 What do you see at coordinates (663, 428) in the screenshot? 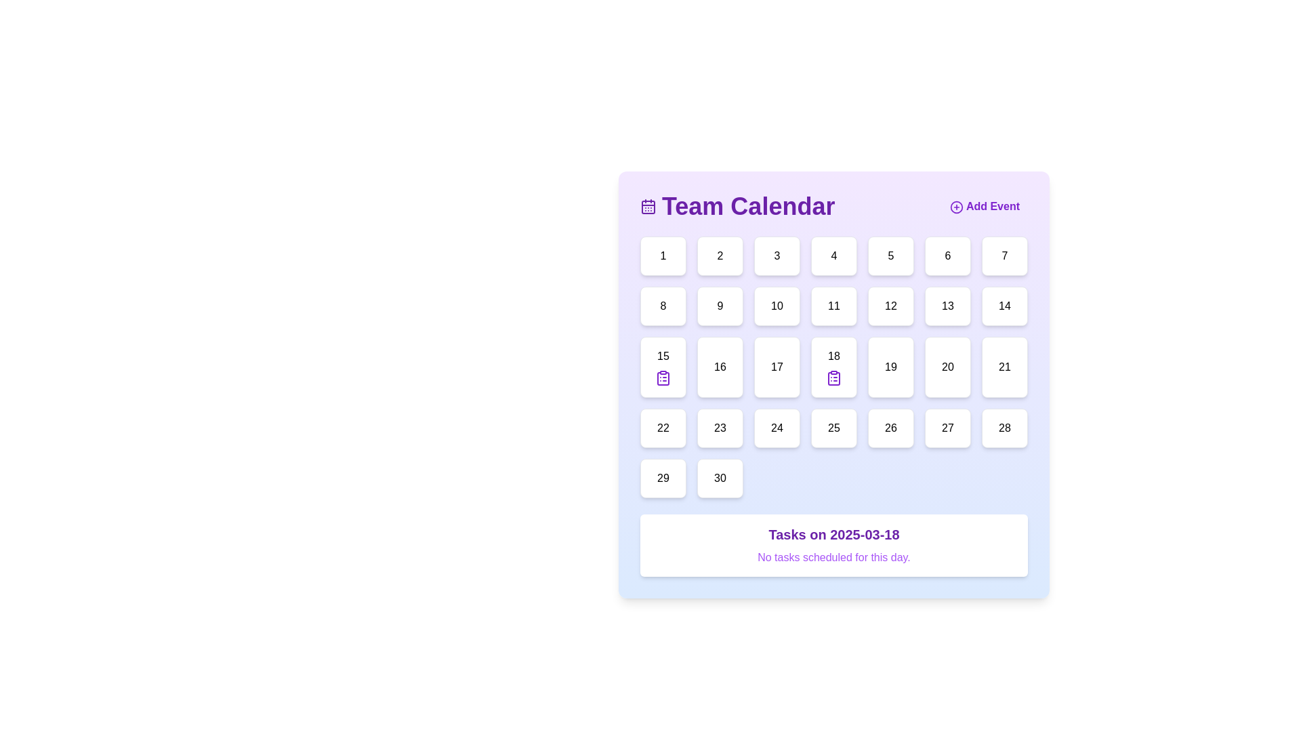
I see `the selectable date button located in the 22nd cell of the calendar grid` at bounding box center [663, 428].